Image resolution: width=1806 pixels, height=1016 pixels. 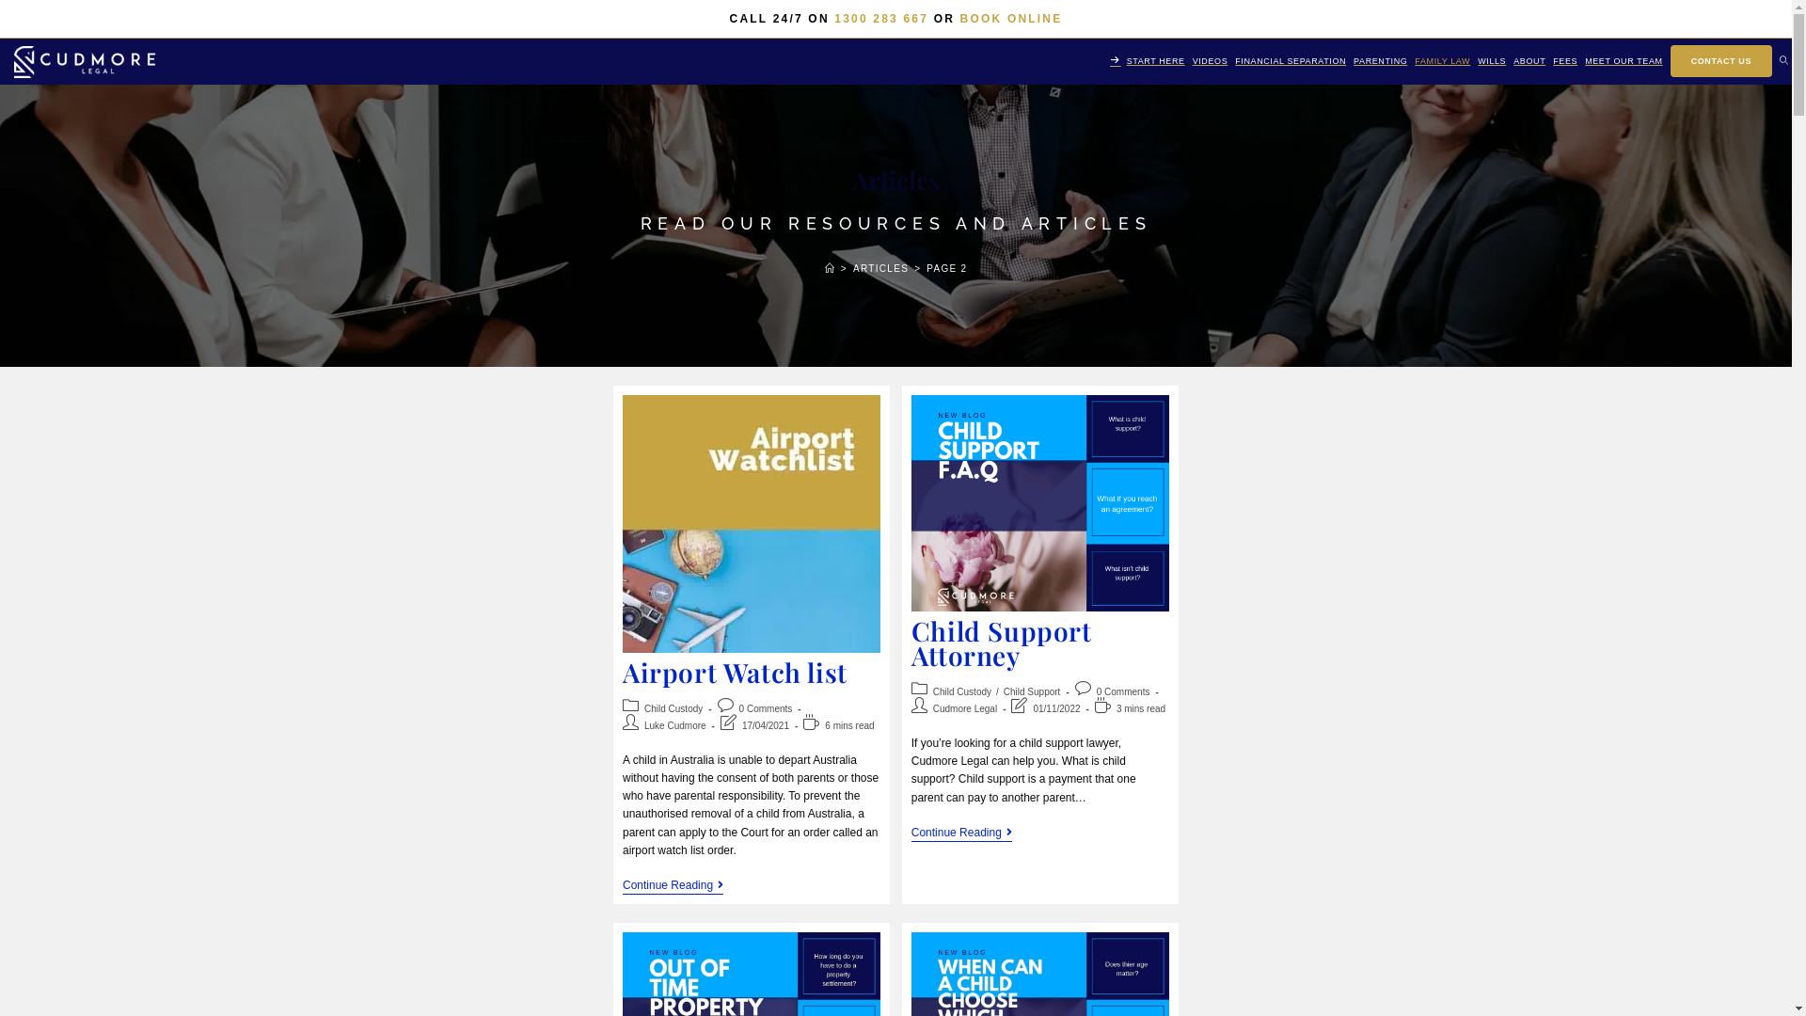 What do you see at coordinates (1490, 60) in the screenshot?
I see `'WILLS'` at bounding box center [1490, 60].